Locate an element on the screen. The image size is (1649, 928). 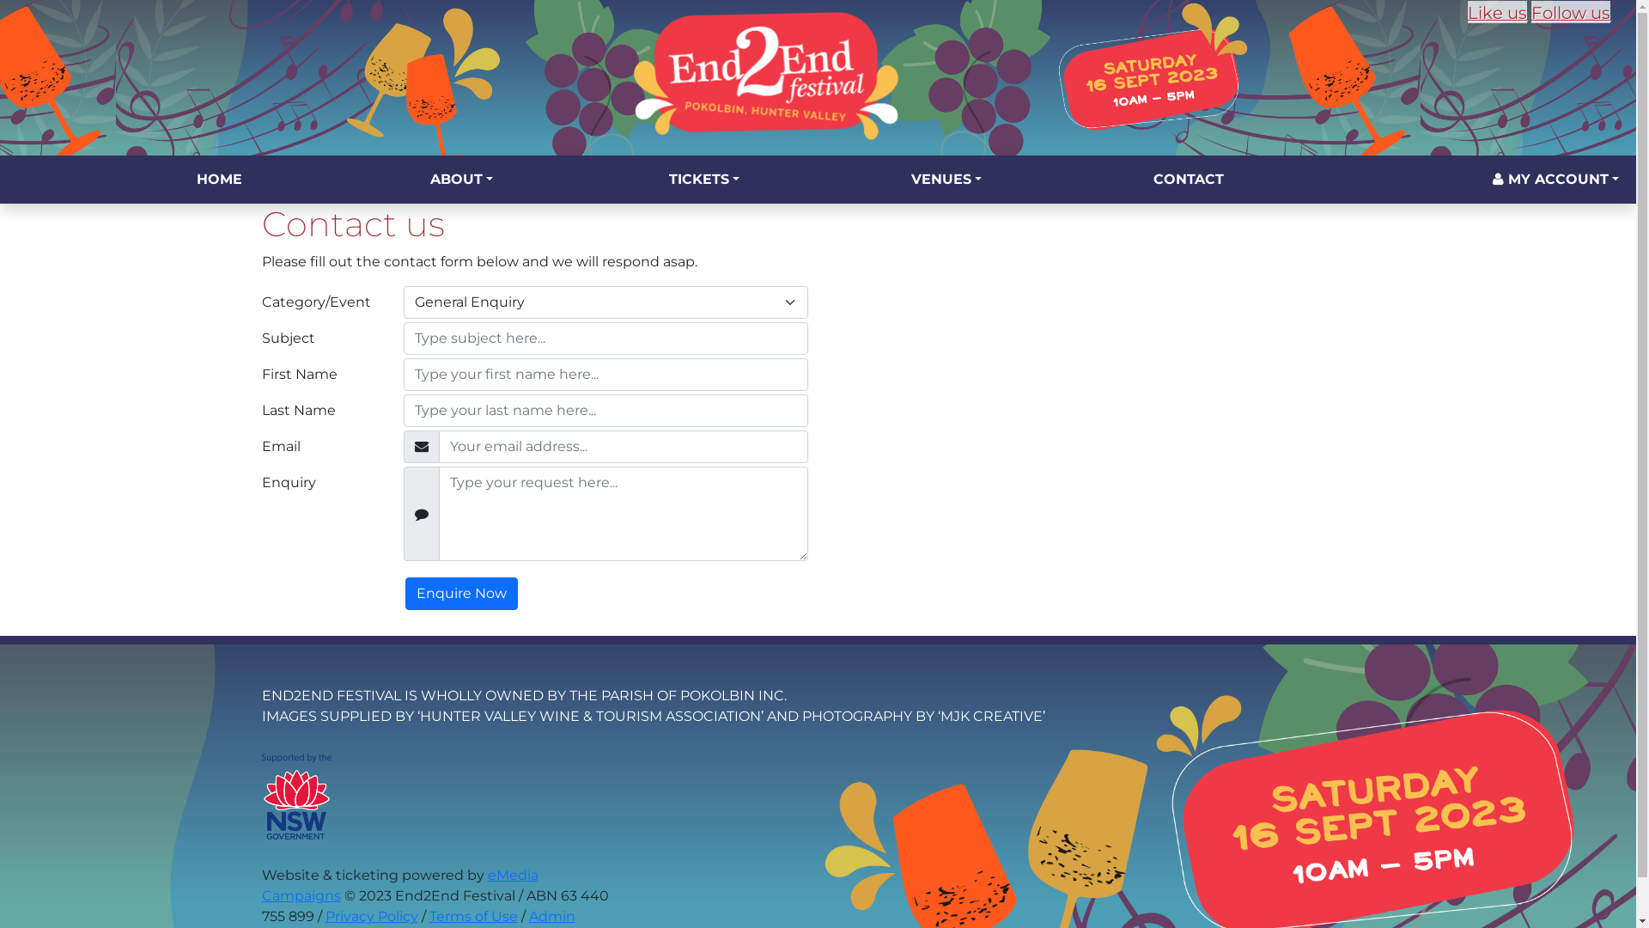
'MY ACCOUNT' is located at coordinates (1555, 179).